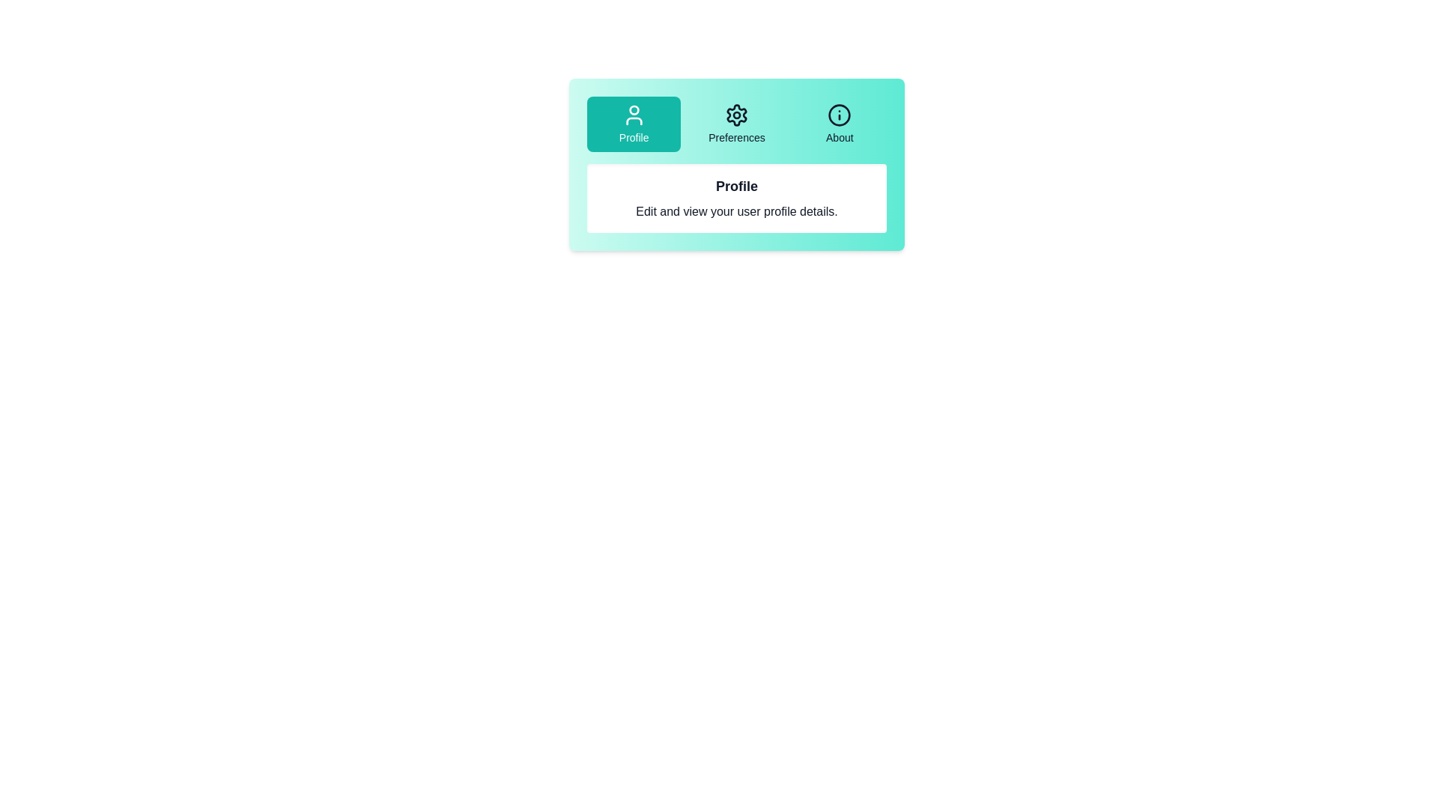 The width and height of the screenshot is (1438, 809). I want to click on the About tab button to select it, so click(840, 123).